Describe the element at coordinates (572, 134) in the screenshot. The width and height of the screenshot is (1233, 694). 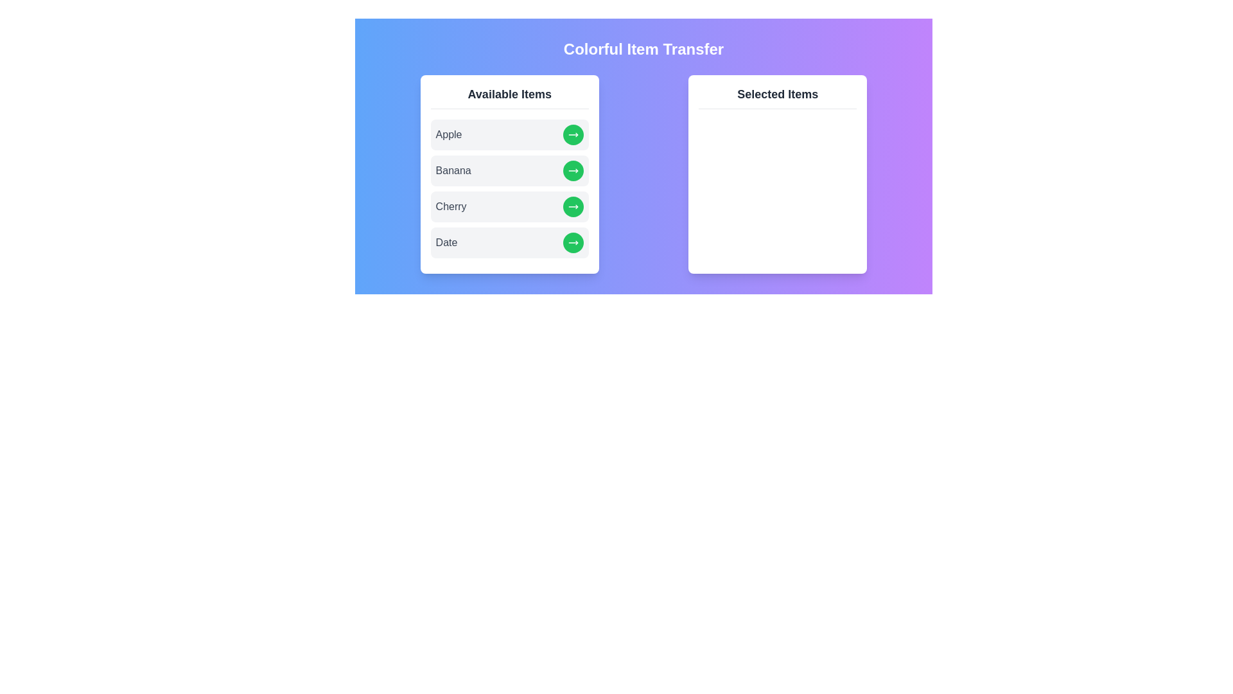
I see `right arrow button next to the item Apple in the 'Available Items' list to transfer it to the 'Selected Items' list` at that location.